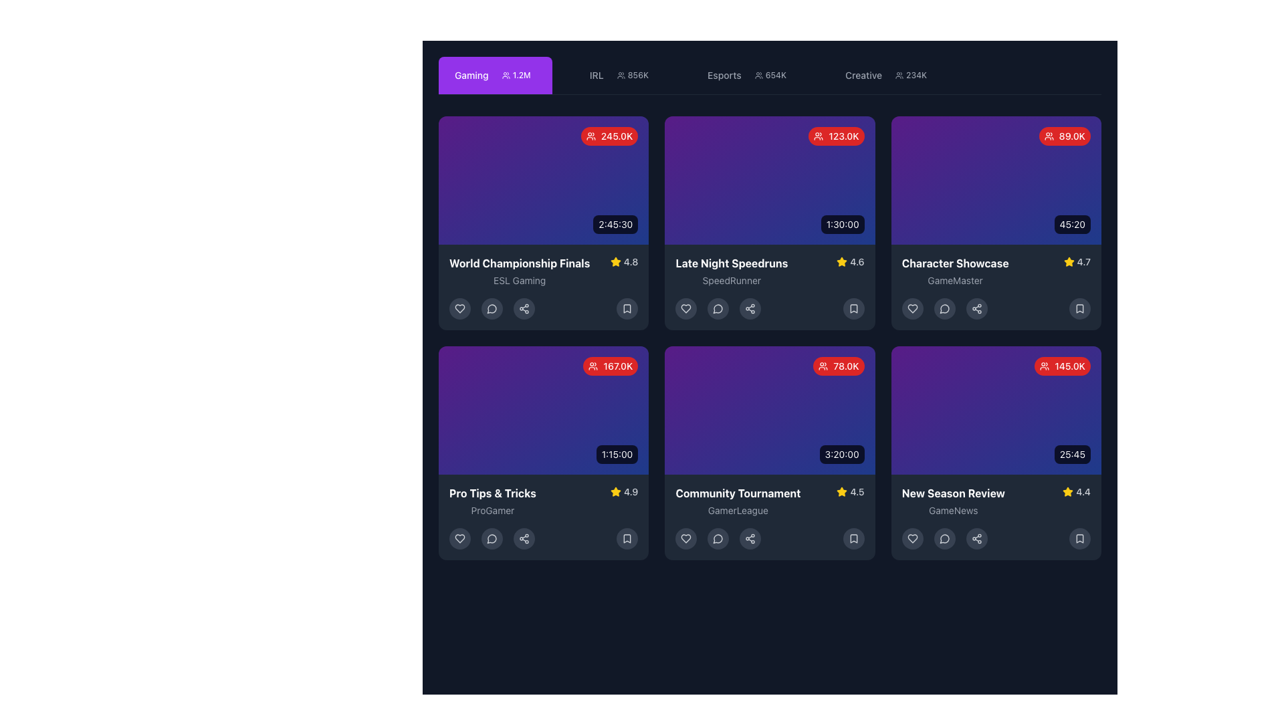  I want to click on rating value from the yellow star and the text '4.9' displayed in the bottom row of the 'Pro Tips & Tricks' tile, located near the top-right corner, so click(623, 492).